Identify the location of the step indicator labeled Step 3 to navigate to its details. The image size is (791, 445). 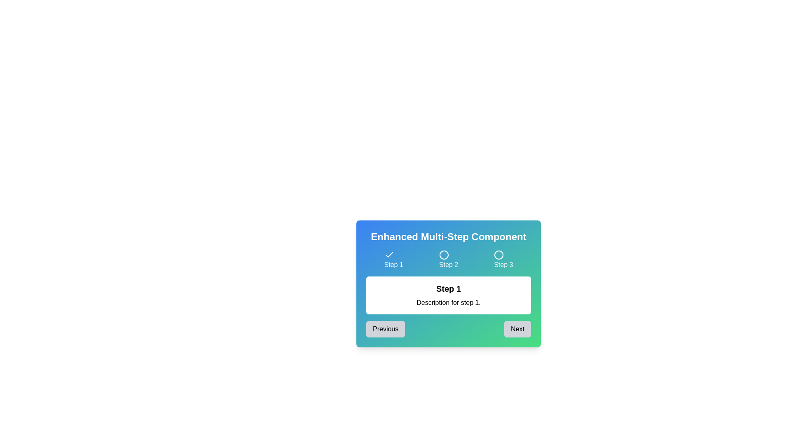
(503, 260).